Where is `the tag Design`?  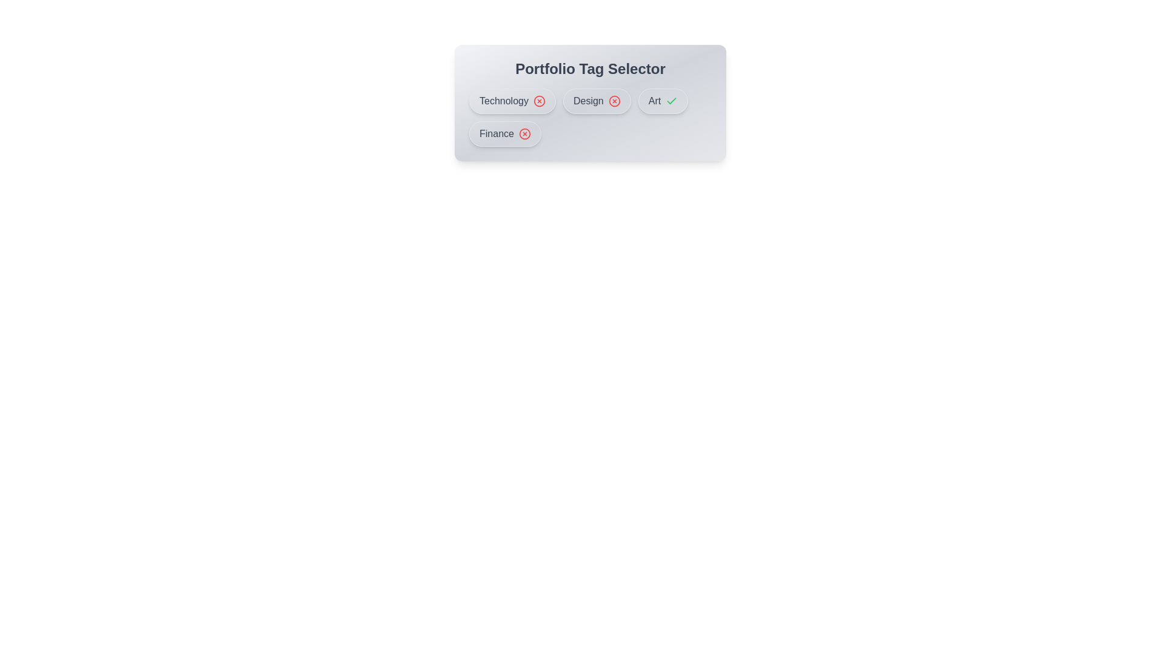
the tag Design is located at coordinates (596, 100).